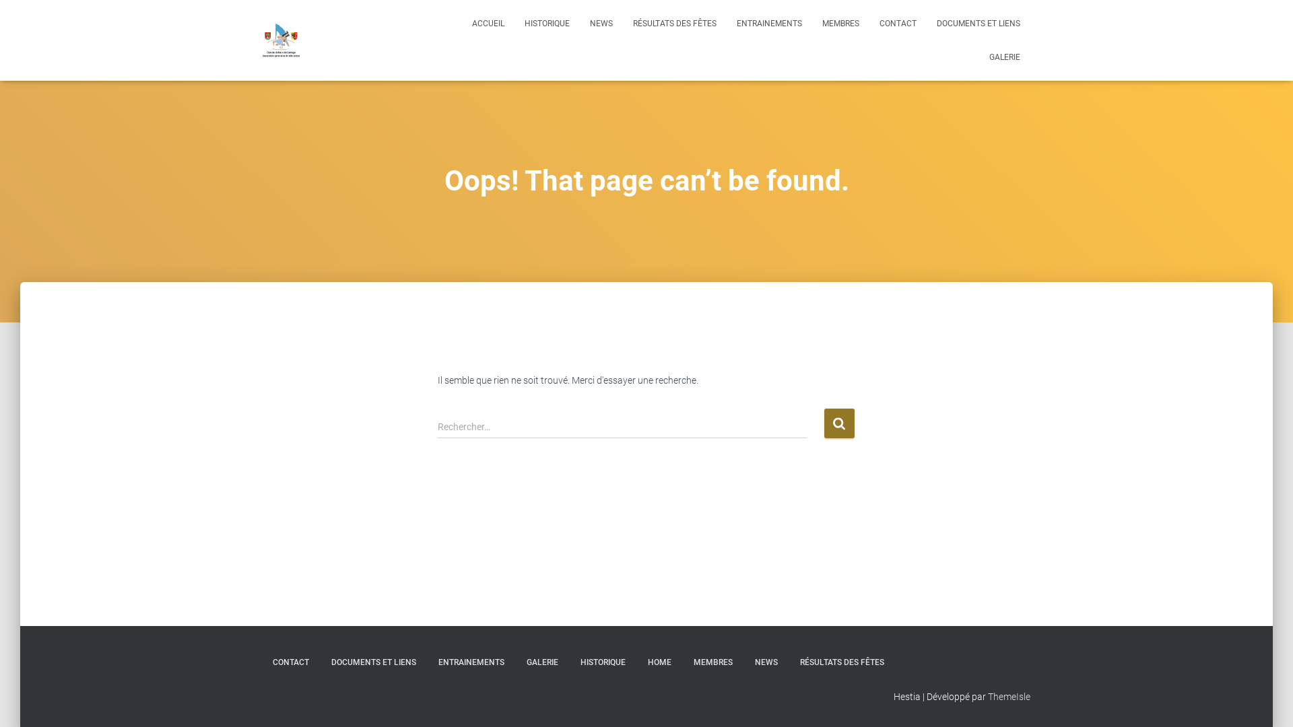 This screenshot has height=727, width=1293. What do you see at coordinates (1005, 56) in the screenshot?
I see `'GALERIE'` at bounding box center [1005, 56].